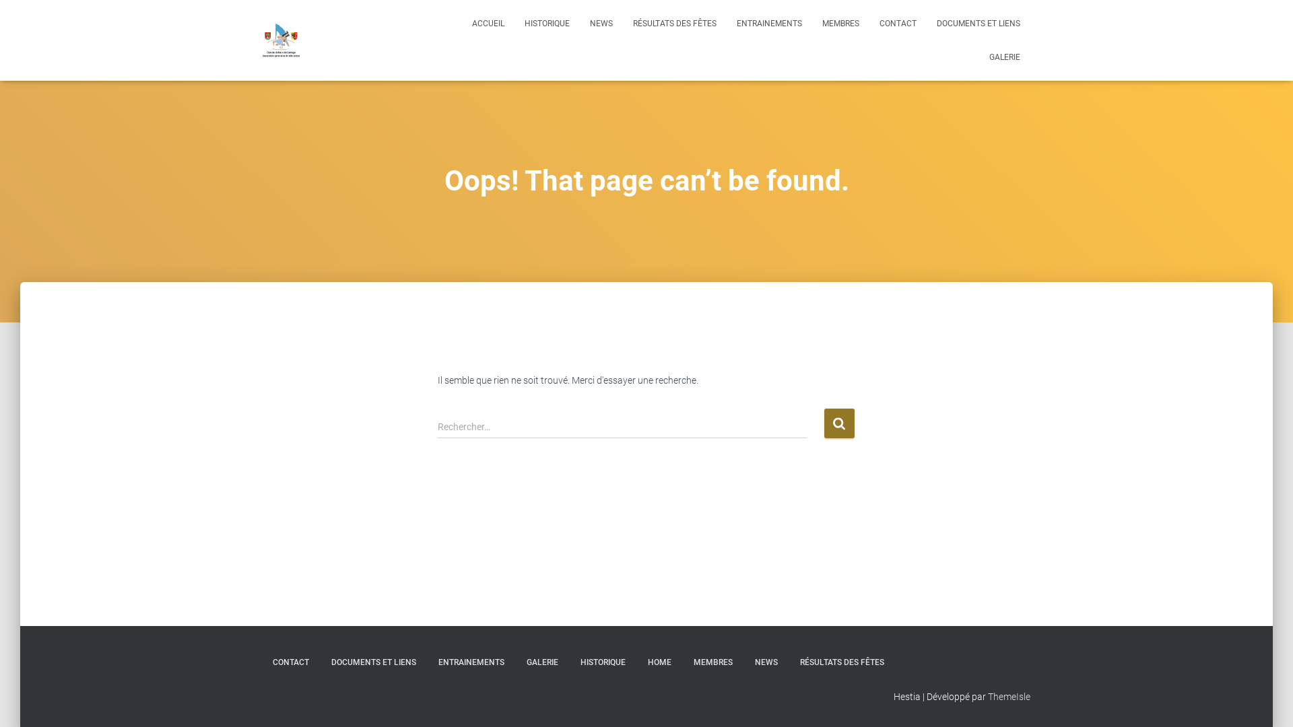 This screenshot has height=727, width=1293. What do you see at coordinates (1005, 56) in the screenshot?
I see `'GALERIE'` at bounding box center [1005, 56].